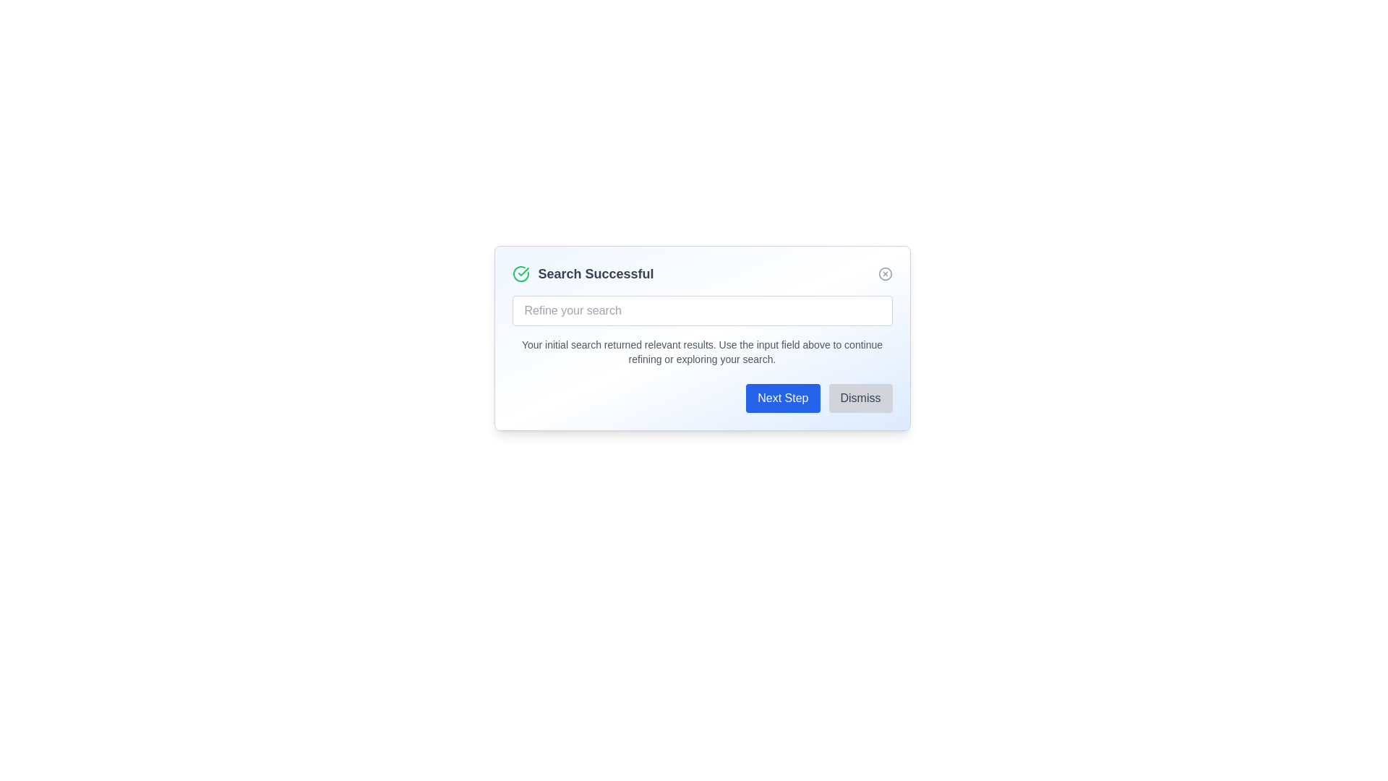  Describe the element at coordinates (884, 273) in the screenshot. I see `close button to dismiss the alert` at that location.